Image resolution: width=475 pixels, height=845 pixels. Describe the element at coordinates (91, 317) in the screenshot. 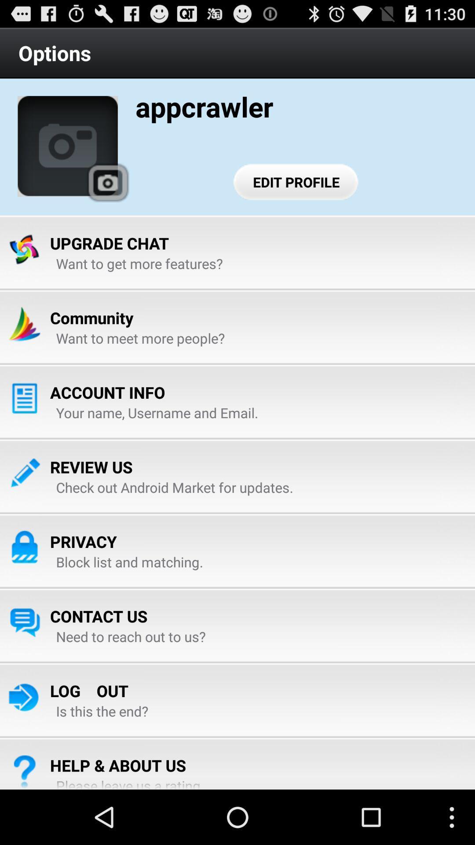

I see `community icon` at that location.